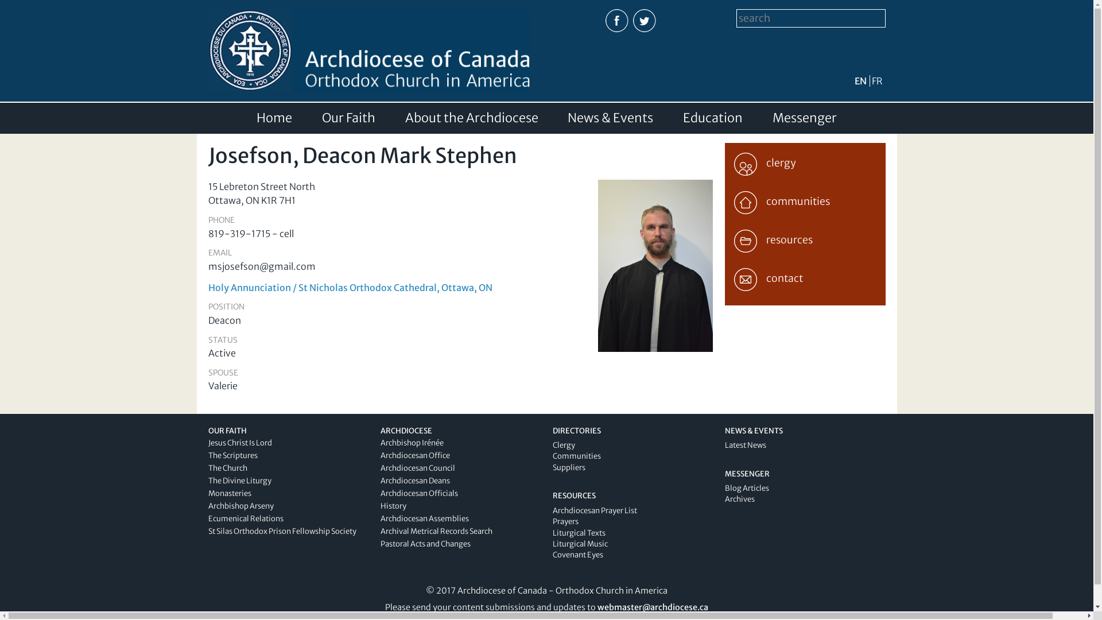 This screenshot has height=620, width=1102. I want to click on 'Pastoral Acts and Changes', so click(424, 543).